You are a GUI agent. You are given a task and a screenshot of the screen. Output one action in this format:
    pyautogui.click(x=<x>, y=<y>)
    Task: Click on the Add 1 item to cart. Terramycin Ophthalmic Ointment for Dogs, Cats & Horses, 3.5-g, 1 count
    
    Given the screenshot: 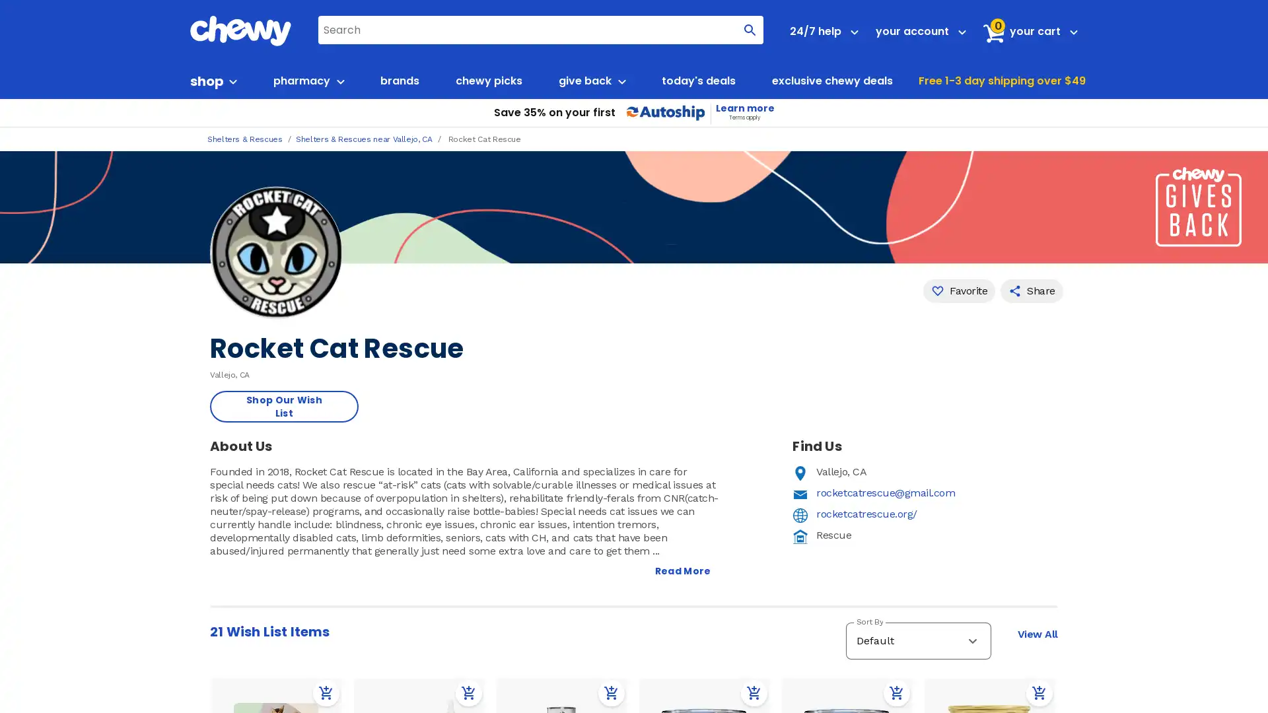 What is the action you would take?
    pyautogui.click(x=469, y=692)
    